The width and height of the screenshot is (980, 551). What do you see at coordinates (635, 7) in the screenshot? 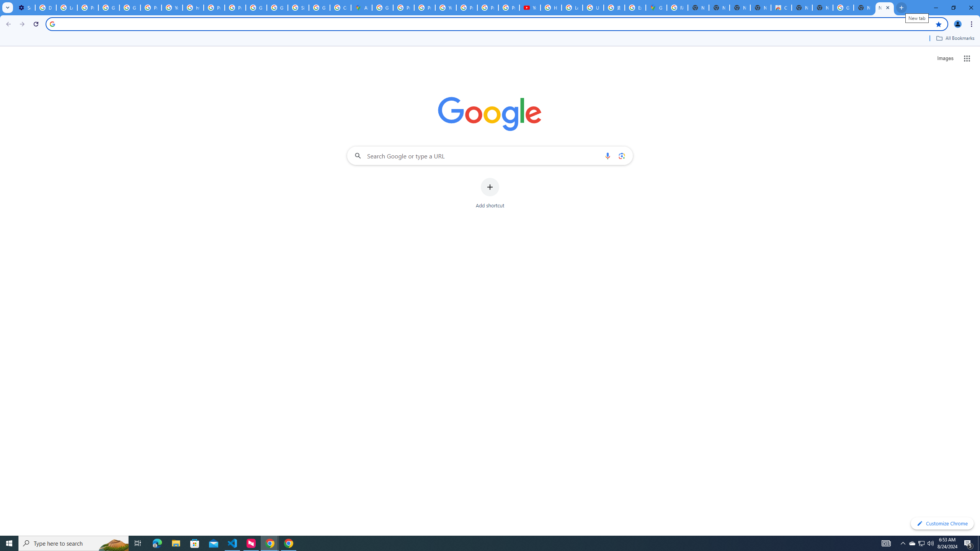
I see `'Explore new street-level details - Google Maps Help'` at bounding box center [635, 7].